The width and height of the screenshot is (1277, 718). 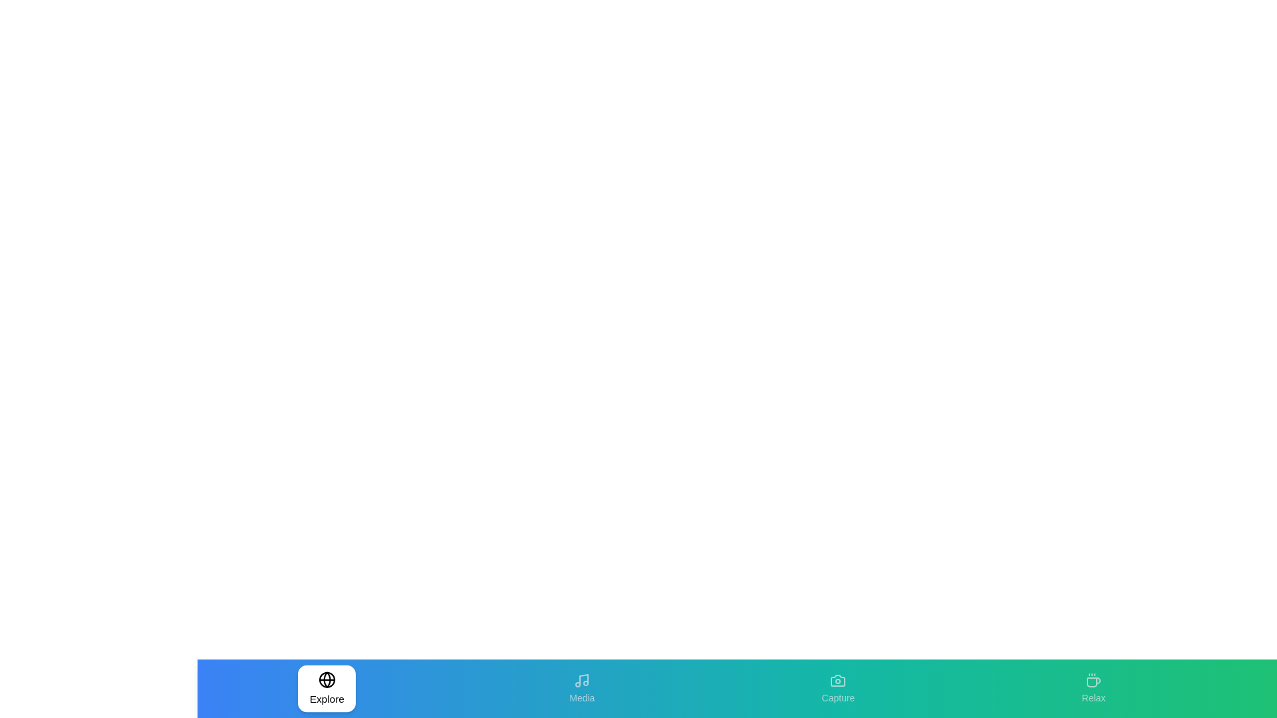 I want to click on the Media tab to observe its visual feedback, so click(x=581, y=688).